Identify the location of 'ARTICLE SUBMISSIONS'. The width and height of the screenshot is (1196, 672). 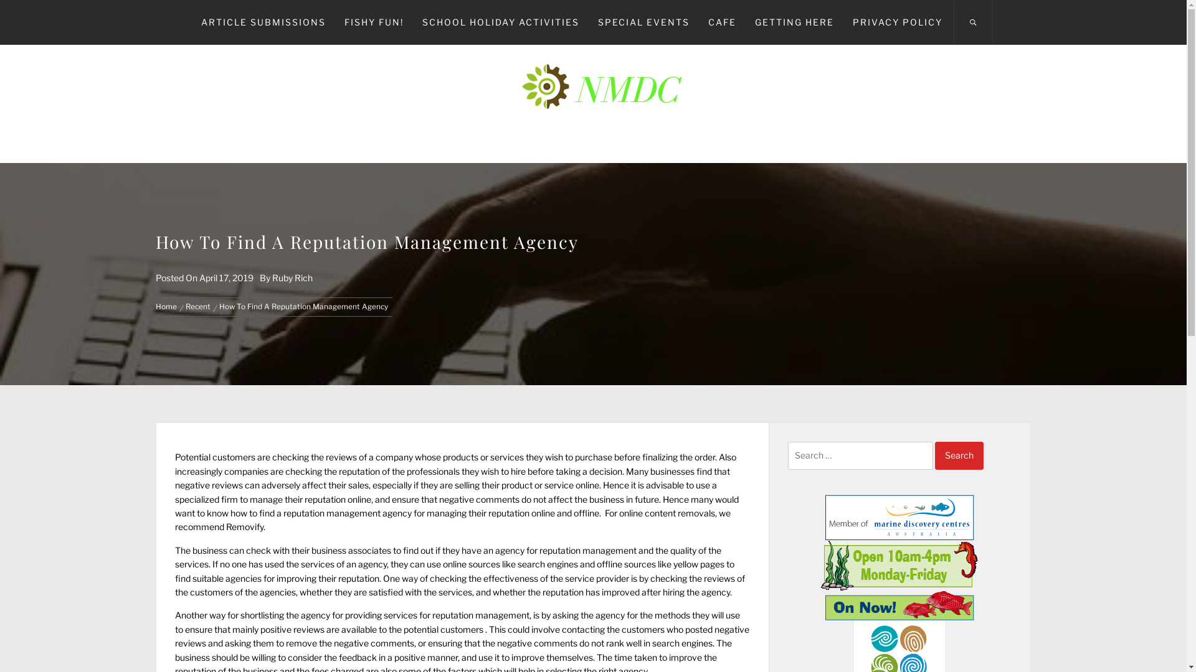
(262, 22).